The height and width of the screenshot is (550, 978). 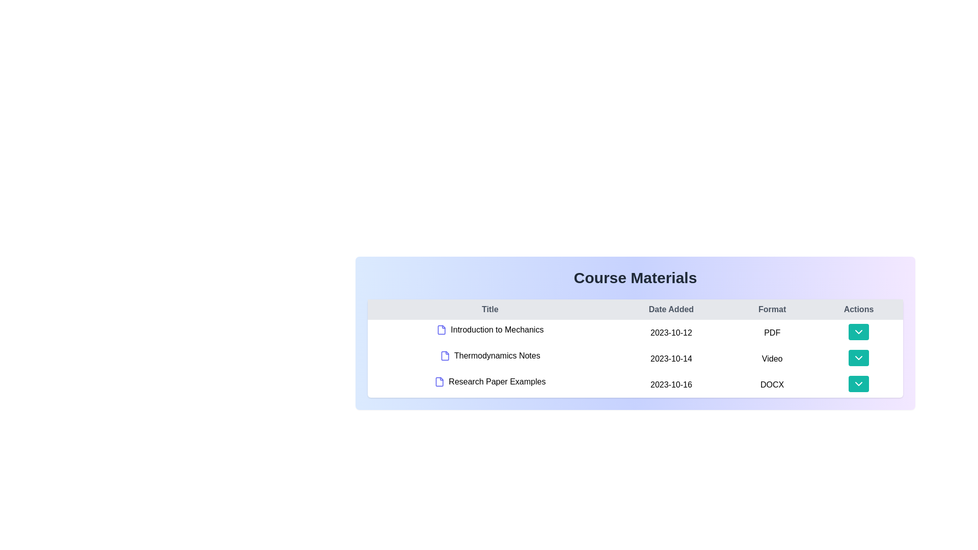 What do you see at coordinates (772, 358) in the screenshot?
I see `the 'Video' text label in the 'Format' column of the course materials table for 'Thermodynamics Notes'` at bounding box center [772, 358].